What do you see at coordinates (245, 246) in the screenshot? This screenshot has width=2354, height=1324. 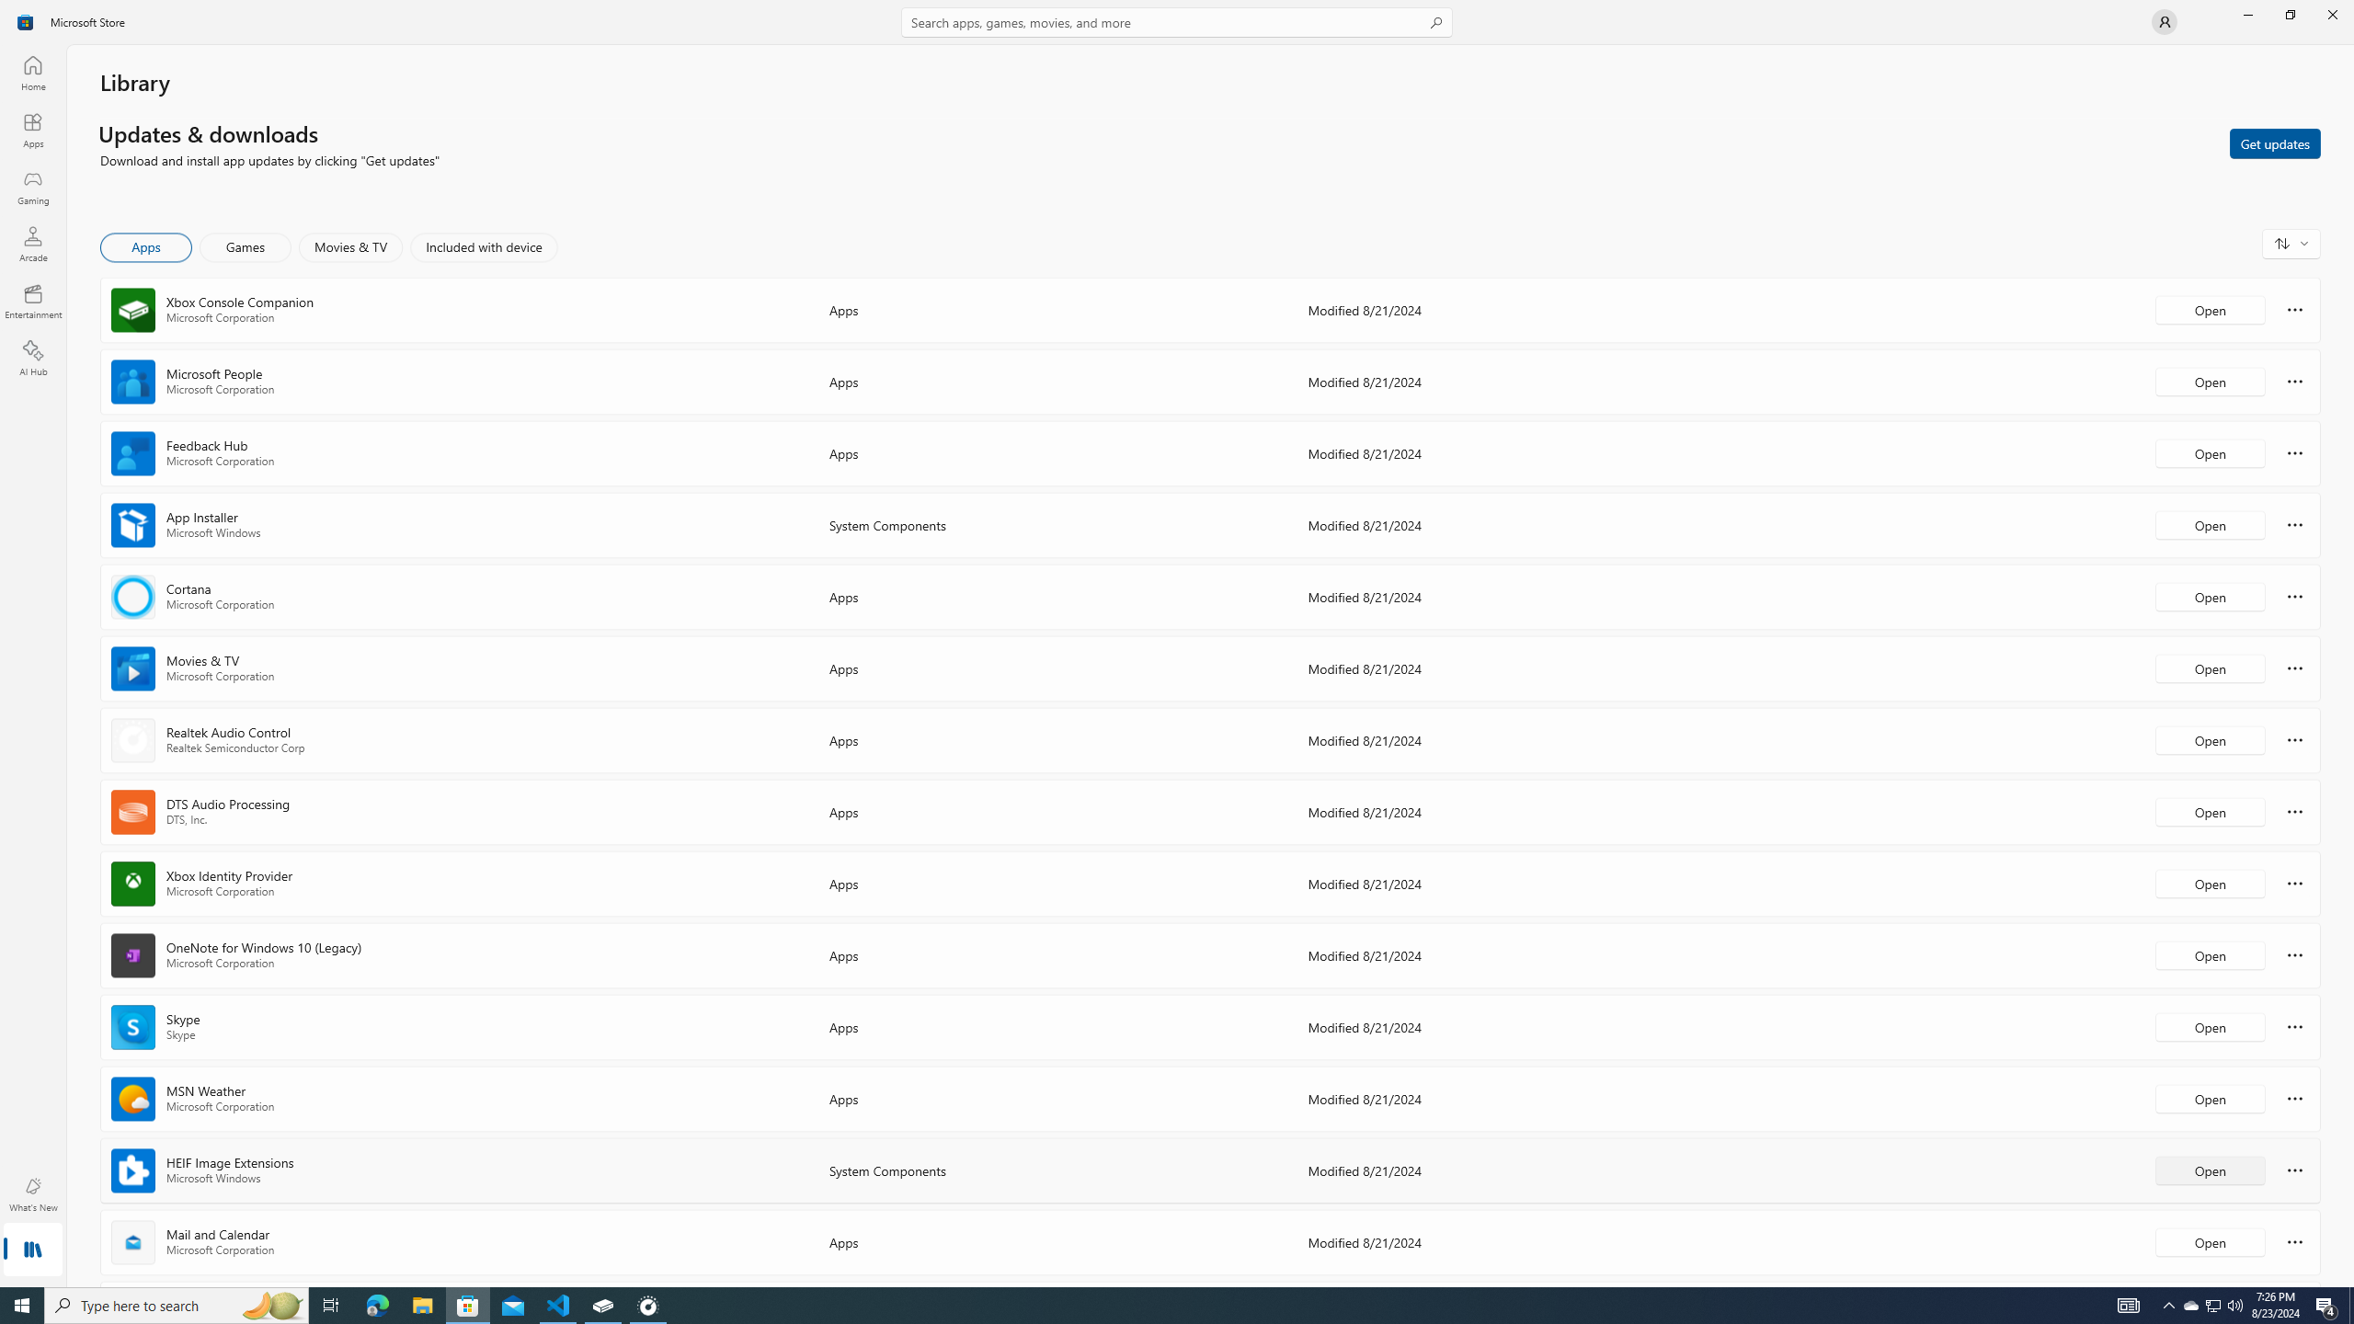 I see `'Games'` at bounding box center [245, 246].